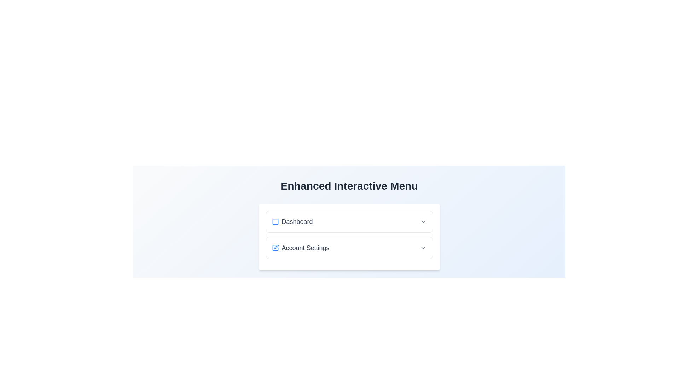 The image size is (679, 382). What do you see at coordinates (275, 248) in the screenshot?
I see `the icon representing account settings located on the leftmost side of the 'Account Settings' row in the menu` at bounding box center [275, 248].